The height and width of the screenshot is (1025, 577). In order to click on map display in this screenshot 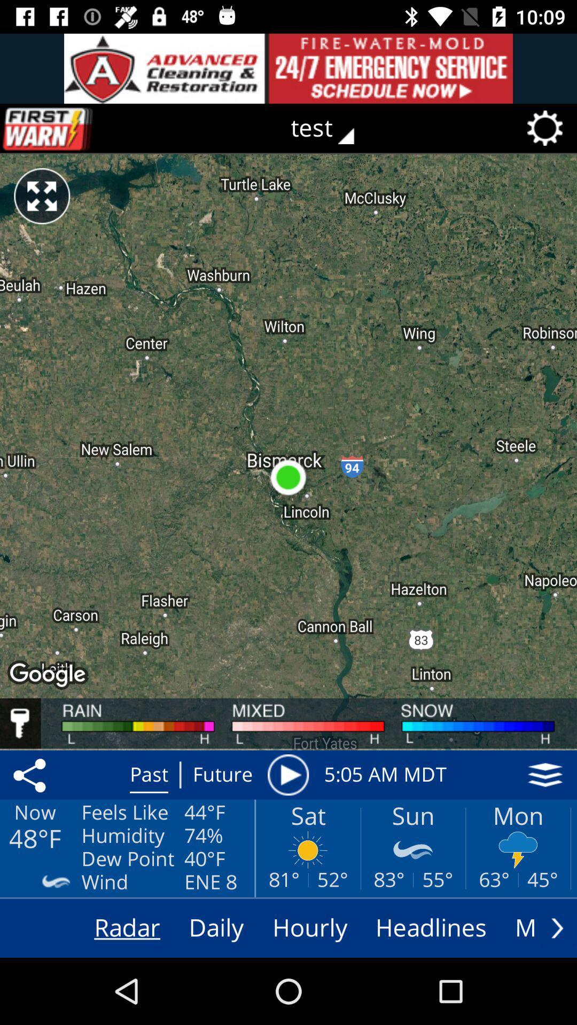, I will do `click(545, 775)`.